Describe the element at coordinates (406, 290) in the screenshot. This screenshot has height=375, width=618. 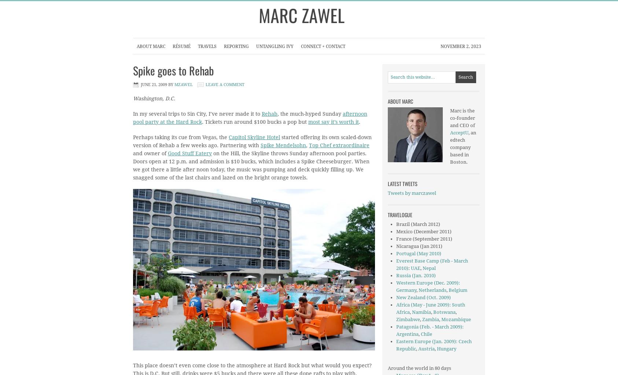
I see `'Germany'` at that location.